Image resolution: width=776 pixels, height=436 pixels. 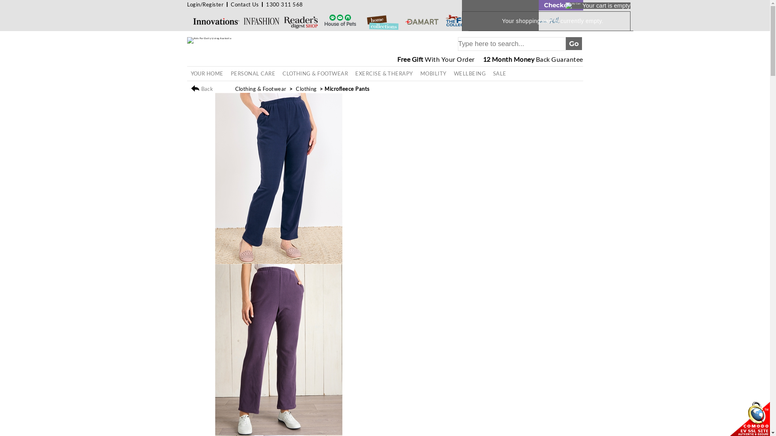 I want to click on 'YOUR HOME', so click(x=207, y=73).